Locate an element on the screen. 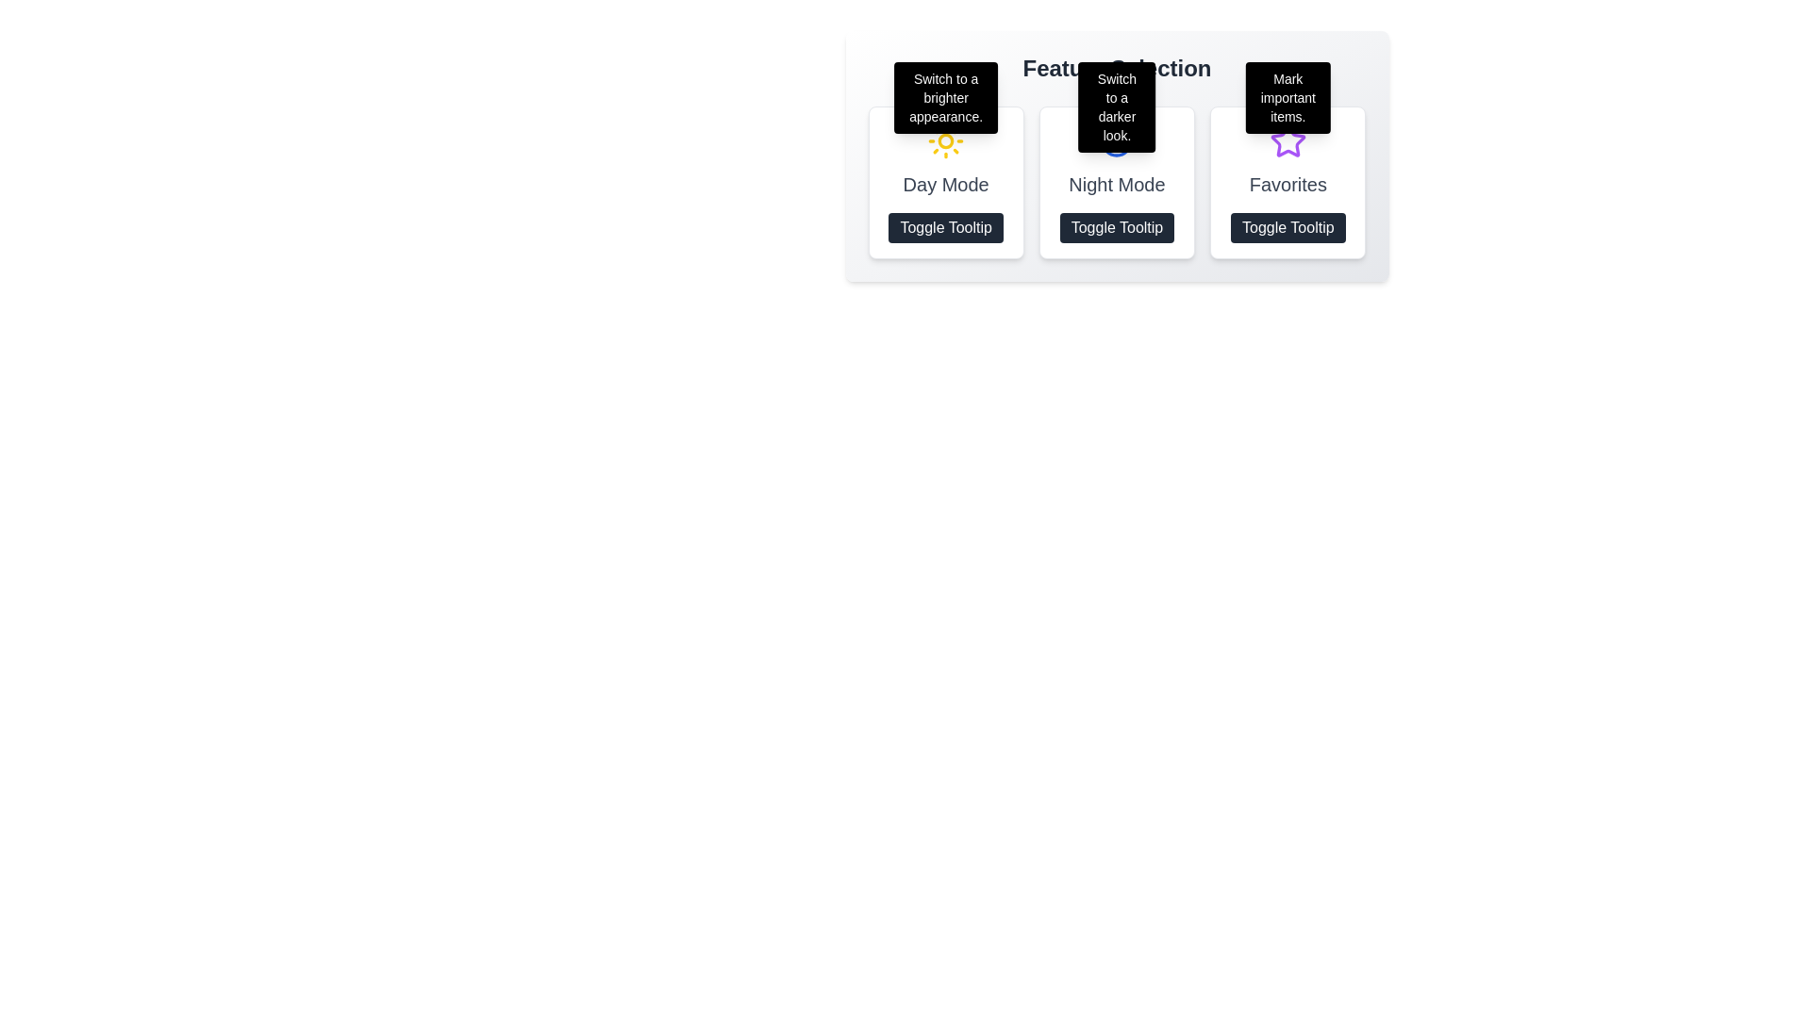 This screenshot has width=1811, height=1018. the button located in the 'Day Mode' section below the 'Day Mode' text and sun icon for keyboard navigation is located at coordinates (946, 227).